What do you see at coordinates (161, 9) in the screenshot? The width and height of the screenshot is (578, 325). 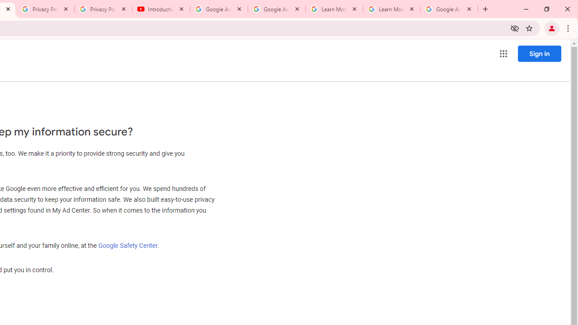 I see `'Introduction | Google Privacy Policy - YouTube'` at bounding box center [161, 9].